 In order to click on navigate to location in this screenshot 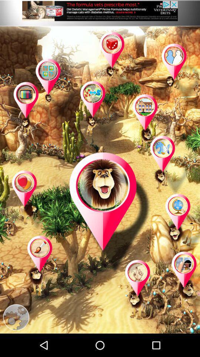, I will do `click(183, 282)`.